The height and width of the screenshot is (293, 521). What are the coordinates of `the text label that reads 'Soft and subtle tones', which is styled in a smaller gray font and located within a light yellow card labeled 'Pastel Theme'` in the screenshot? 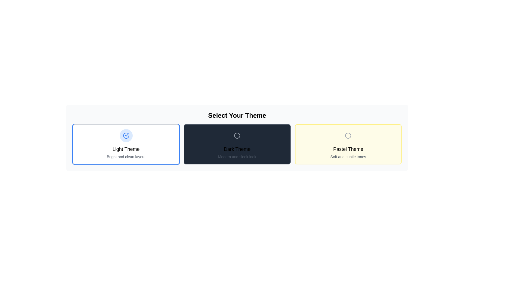 It's located at (348, 157).